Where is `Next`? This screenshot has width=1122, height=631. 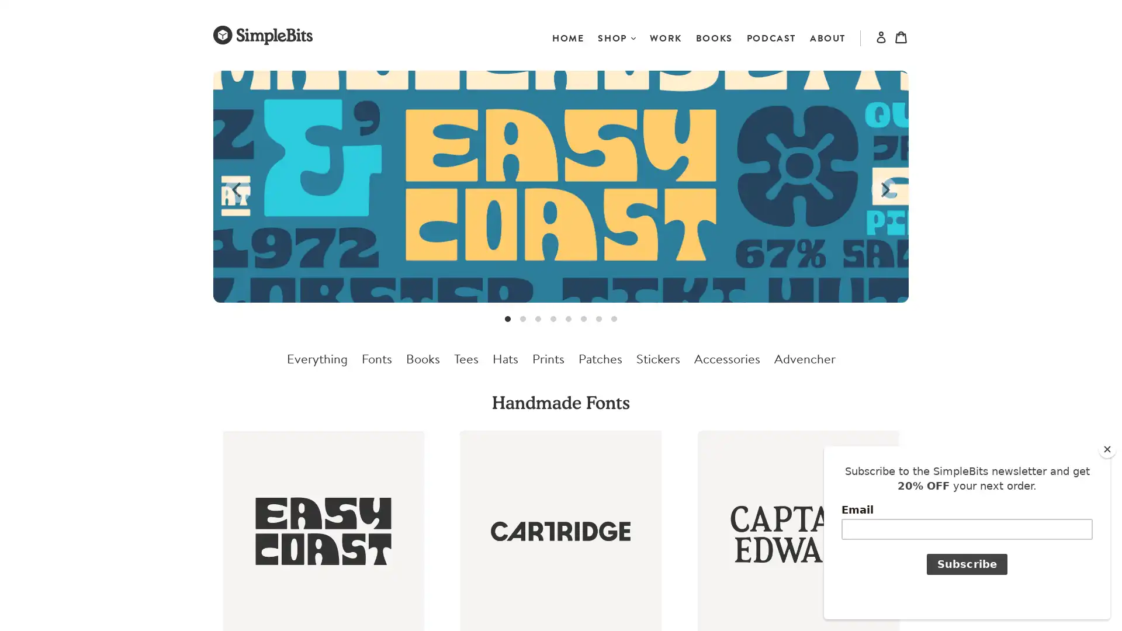
Next is located at coordinates (884, 189).